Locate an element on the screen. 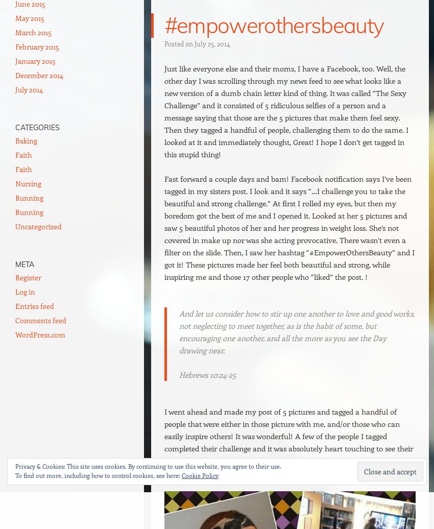 The image size is (434, 529). 'February 2015' is located at coordinates (37, 46).